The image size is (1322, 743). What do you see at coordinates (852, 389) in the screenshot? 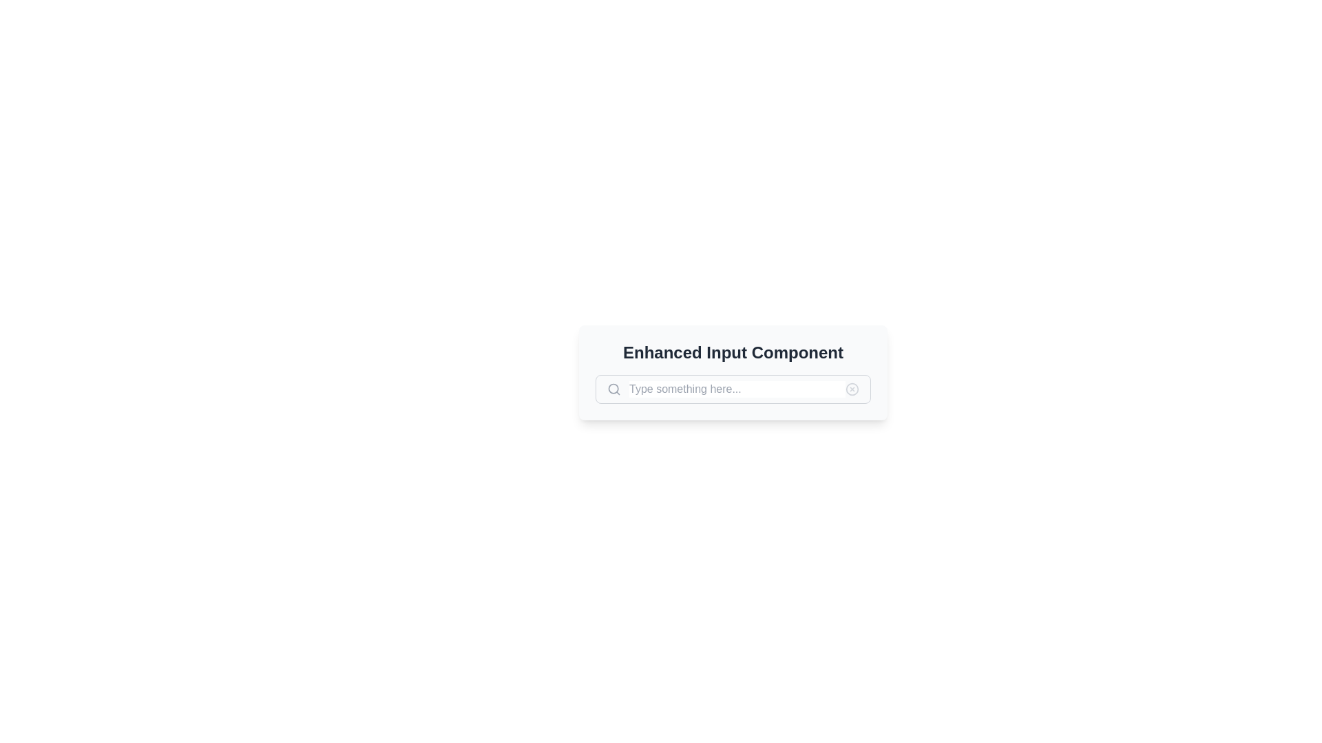
I see `the central circular component of the cancel or reset icon, which is positioned to the far-right of the text input labeled 'Type something here...'` at bounding box center [852, 389].